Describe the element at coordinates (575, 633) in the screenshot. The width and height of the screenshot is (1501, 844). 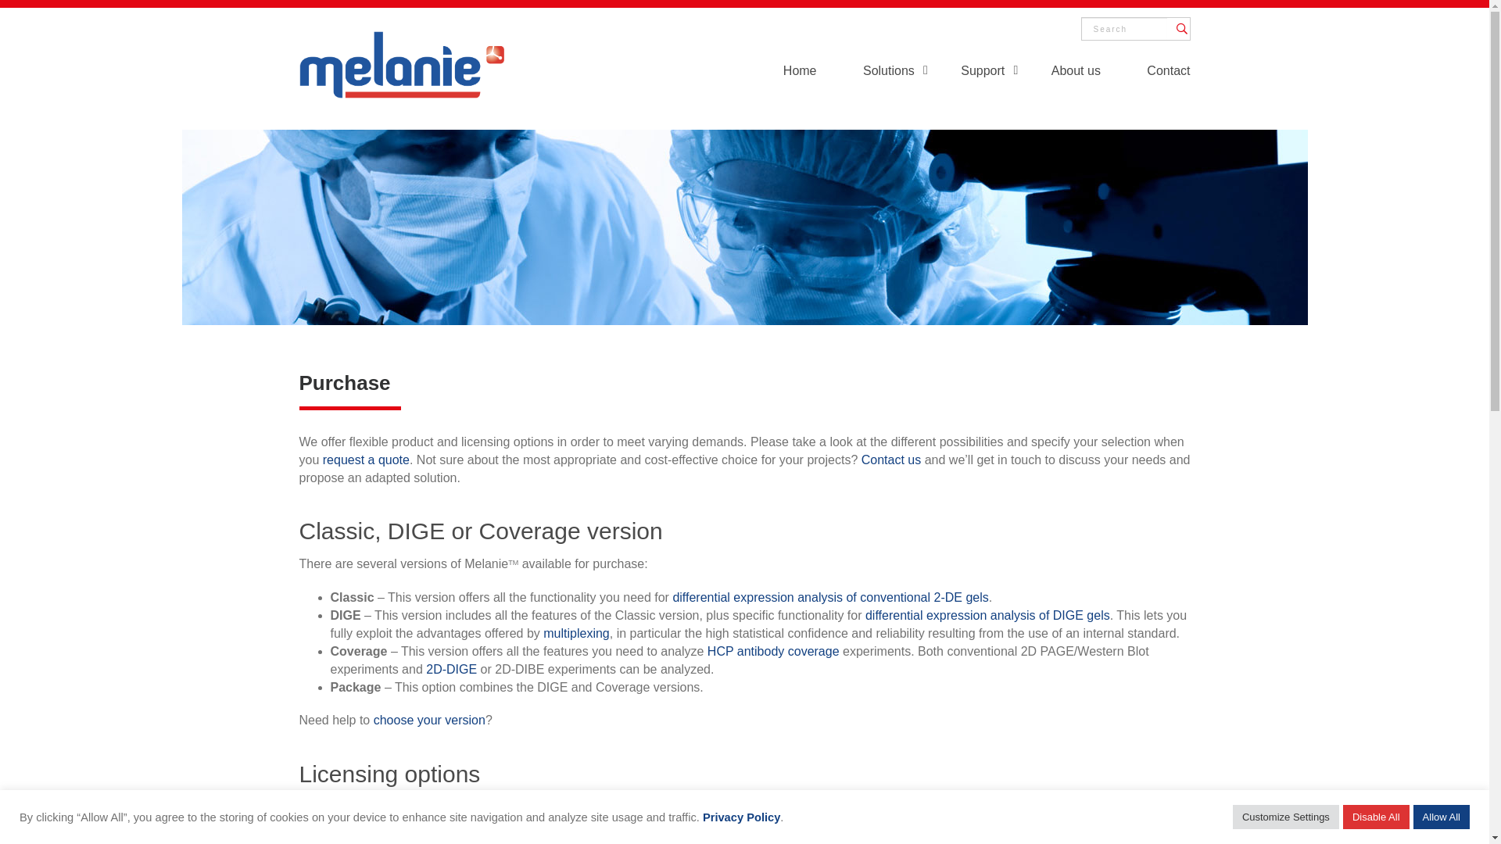
I see `'multiplexing'` at that location.